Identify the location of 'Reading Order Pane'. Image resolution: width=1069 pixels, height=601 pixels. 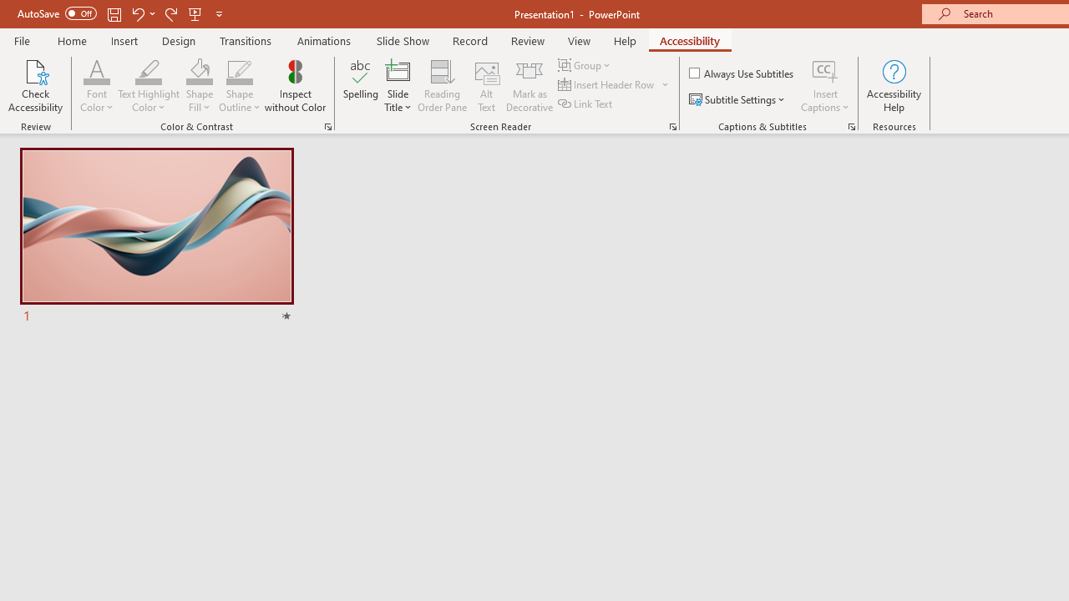
(442, 86).